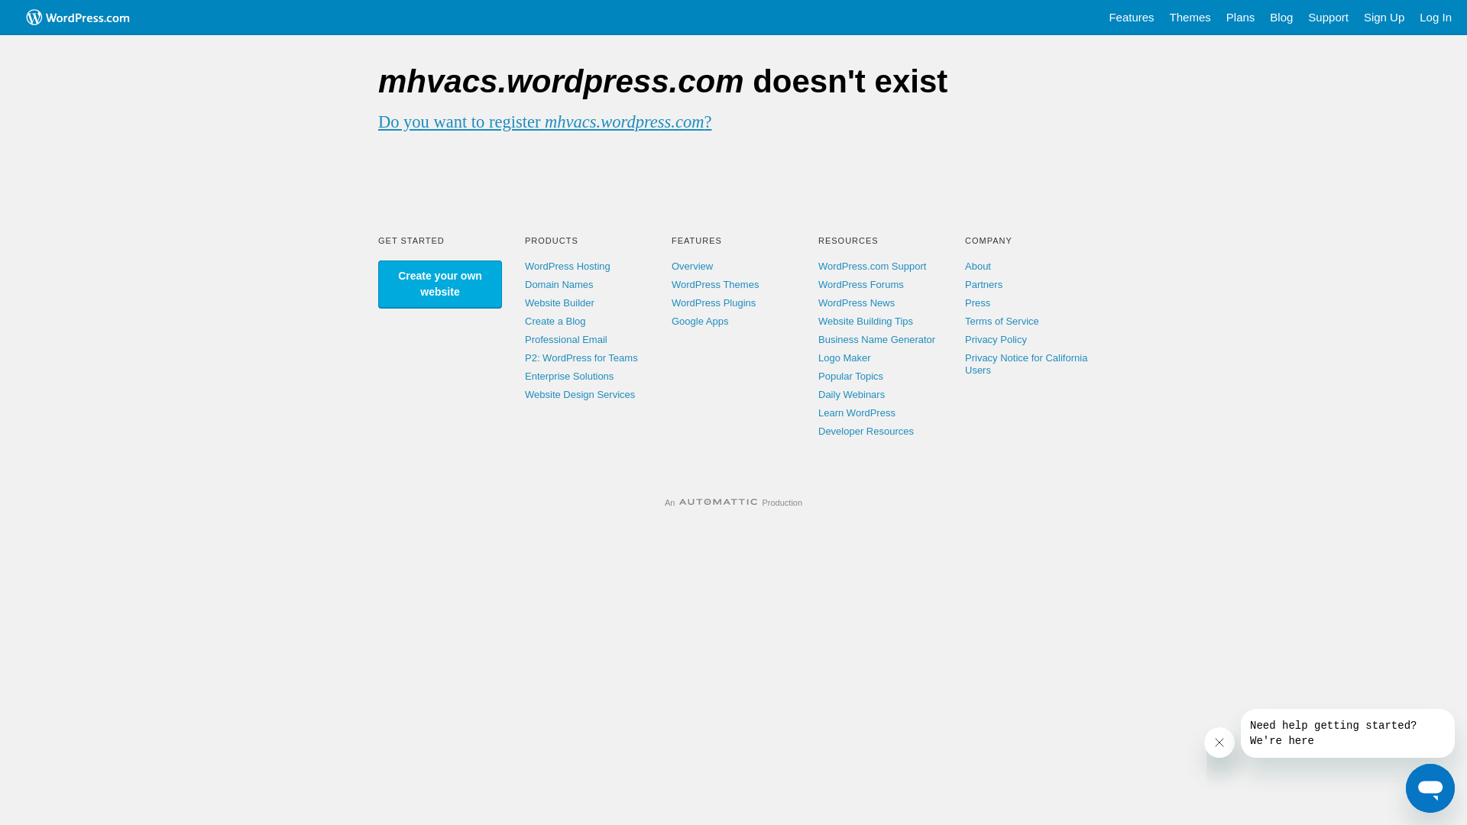  Describe the element at coordinates (876, 338) in the screenshot. I see `'Business Name Generator'` at that location.